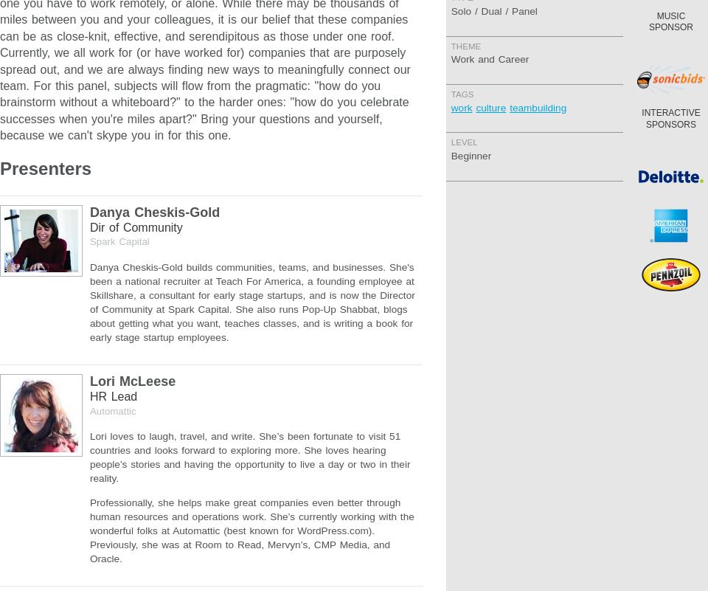 The image size is (708, 591). I want to click on 'Beginner', so click(470, 155).